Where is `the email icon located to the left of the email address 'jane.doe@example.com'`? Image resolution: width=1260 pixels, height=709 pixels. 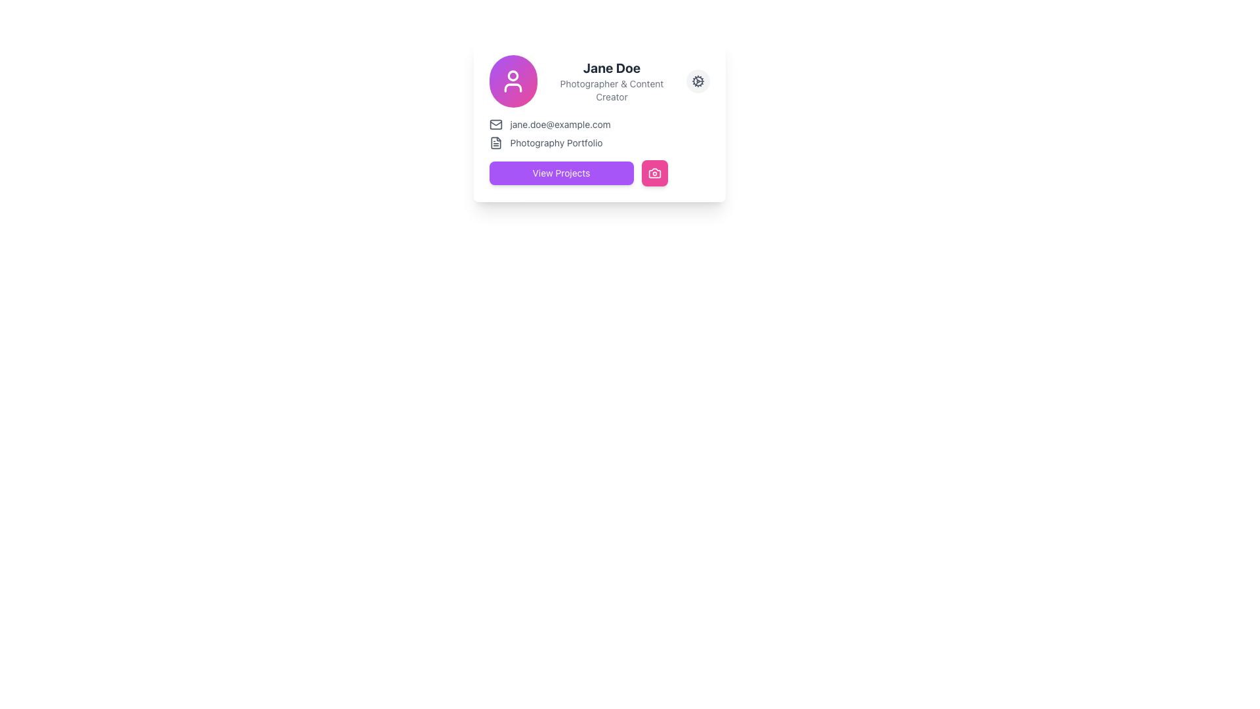
the email icon located to the left of the email address 'jane.doe@example.com' is located at coordinates (495, 124).